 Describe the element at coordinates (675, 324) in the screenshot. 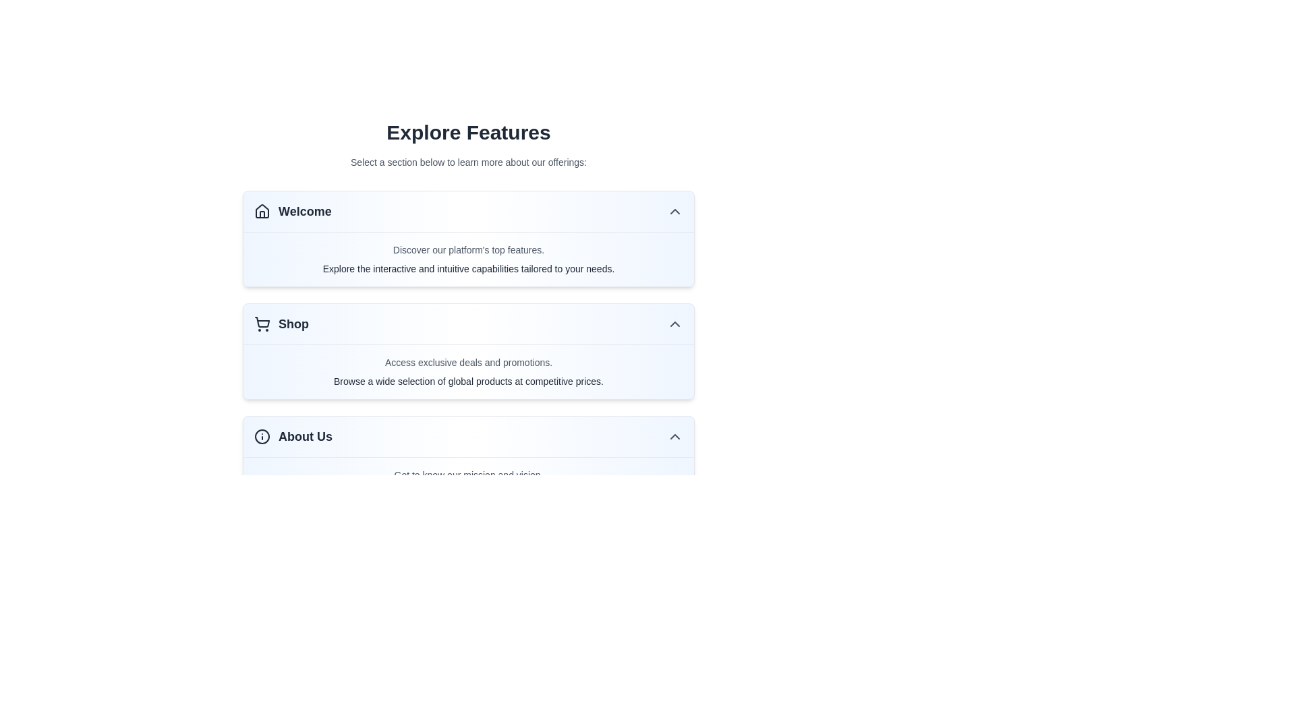

I see `the small upward-pointing chevron icon located at the rightmost edge of the 'Shop' section` at that location.